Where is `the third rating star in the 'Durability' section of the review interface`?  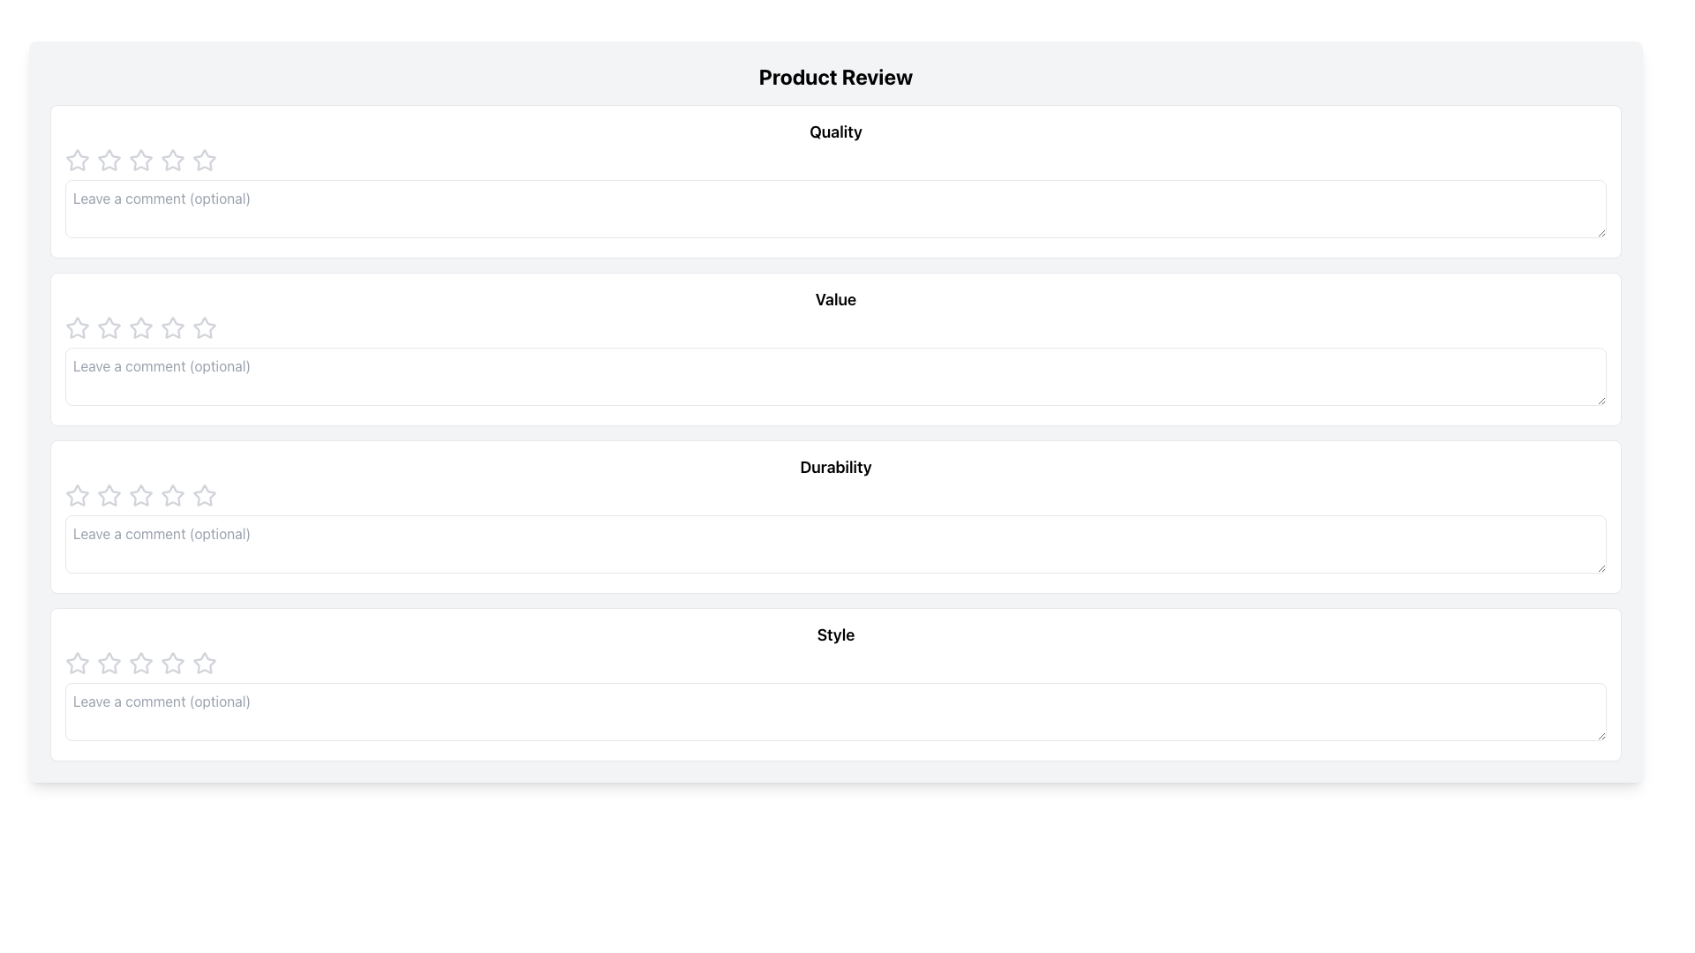
the third rating star in the 'Durability' section of the review interface is located at coordinates (173, 495).